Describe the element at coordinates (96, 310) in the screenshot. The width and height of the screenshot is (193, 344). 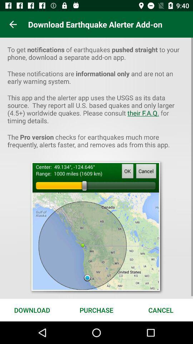
I see `the purchase` at that location.